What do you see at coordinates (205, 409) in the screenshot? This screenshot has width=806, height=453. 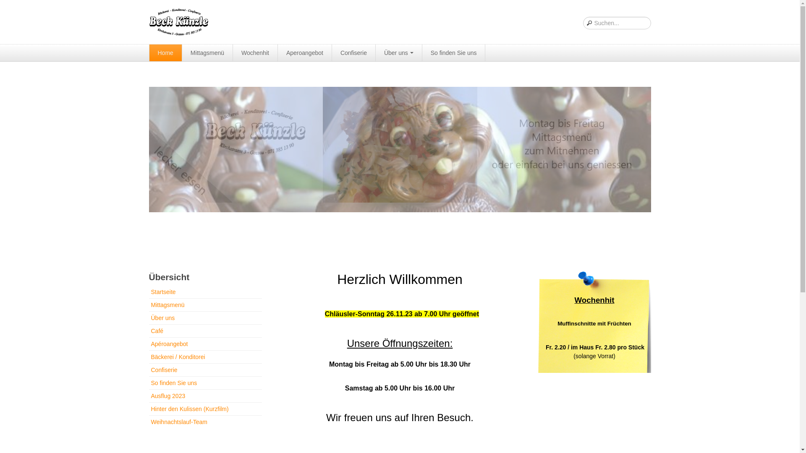 I see `'Hinter den Kulissen (Kurzfilm)'` at bounding box center [205, 409].